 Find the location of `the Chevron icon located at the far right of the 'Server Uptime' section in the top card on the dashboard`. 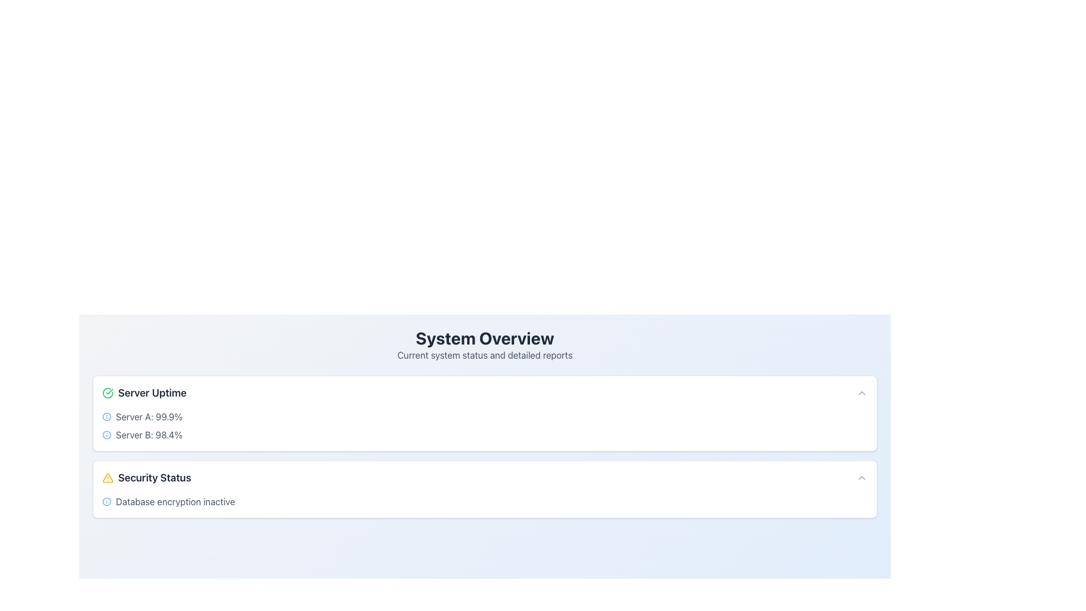

the Chevron icon located at the far right of the 'Server Uptime' section in the top card on the dashboard is located at coordinates (861, 392).